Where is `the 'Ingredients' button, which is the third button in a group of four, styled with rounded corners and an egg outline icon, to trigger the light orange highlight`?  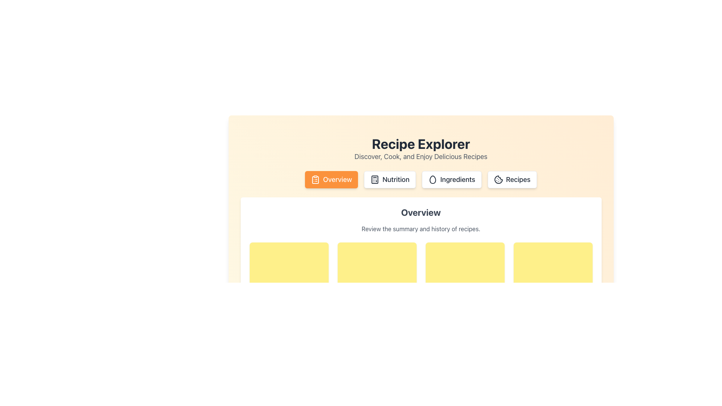
the 'Ingredients' button, which is the third button in a group of four, styled with rounded corners and an egg outline icon, to trigger the light orange highlight is located at coordinates (451, 180).